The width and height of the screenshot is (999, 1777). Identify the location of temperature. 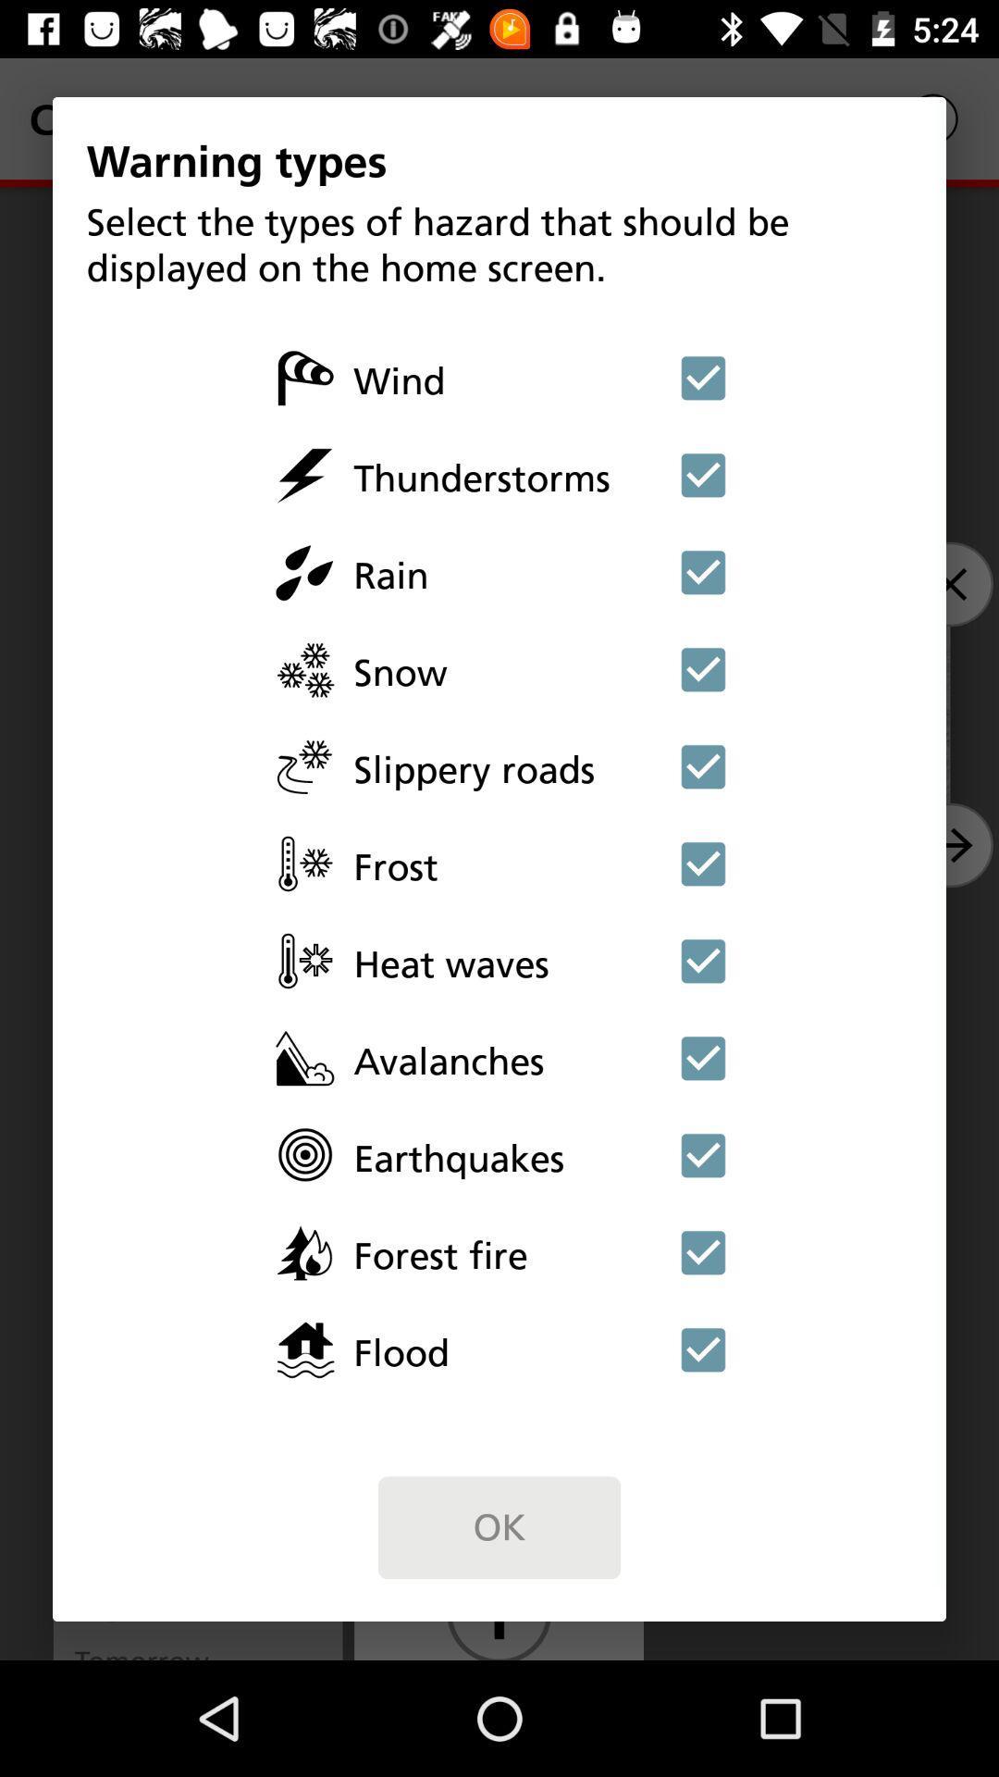
(703, 961).